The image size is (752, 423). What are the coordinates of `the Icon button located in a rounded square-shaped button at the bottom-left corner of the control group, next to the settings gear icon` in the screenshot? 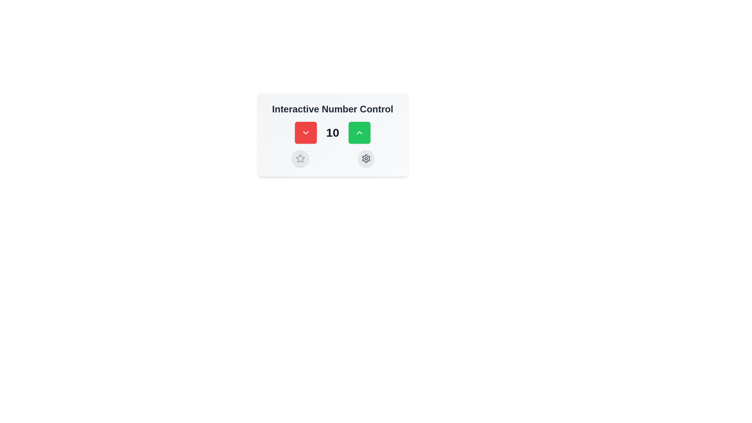 It's located at (300, 159).